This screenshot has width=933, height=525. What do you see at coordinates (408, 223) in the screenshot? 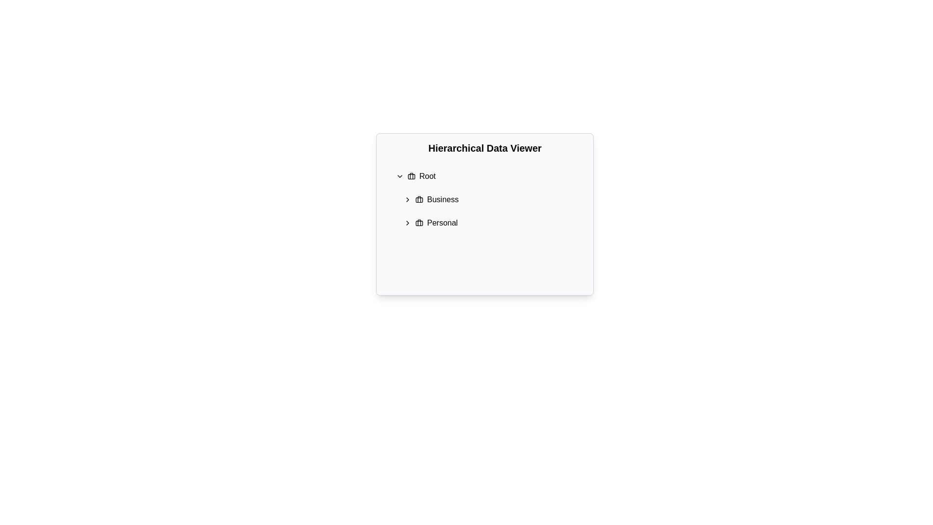
I see `the Chevron Icon` at bounding box center [408, 223].